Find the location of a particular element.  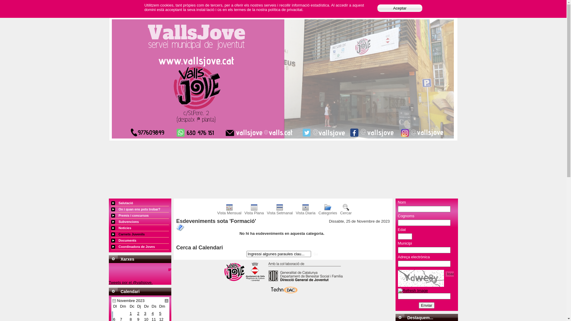

'4' is located at coordinates (151, 313).